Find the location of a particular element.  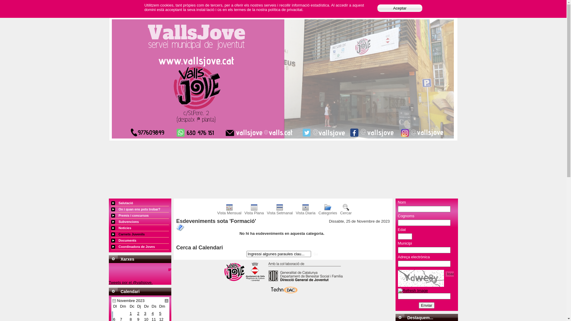

'4' is located at coordinates (151, 313).